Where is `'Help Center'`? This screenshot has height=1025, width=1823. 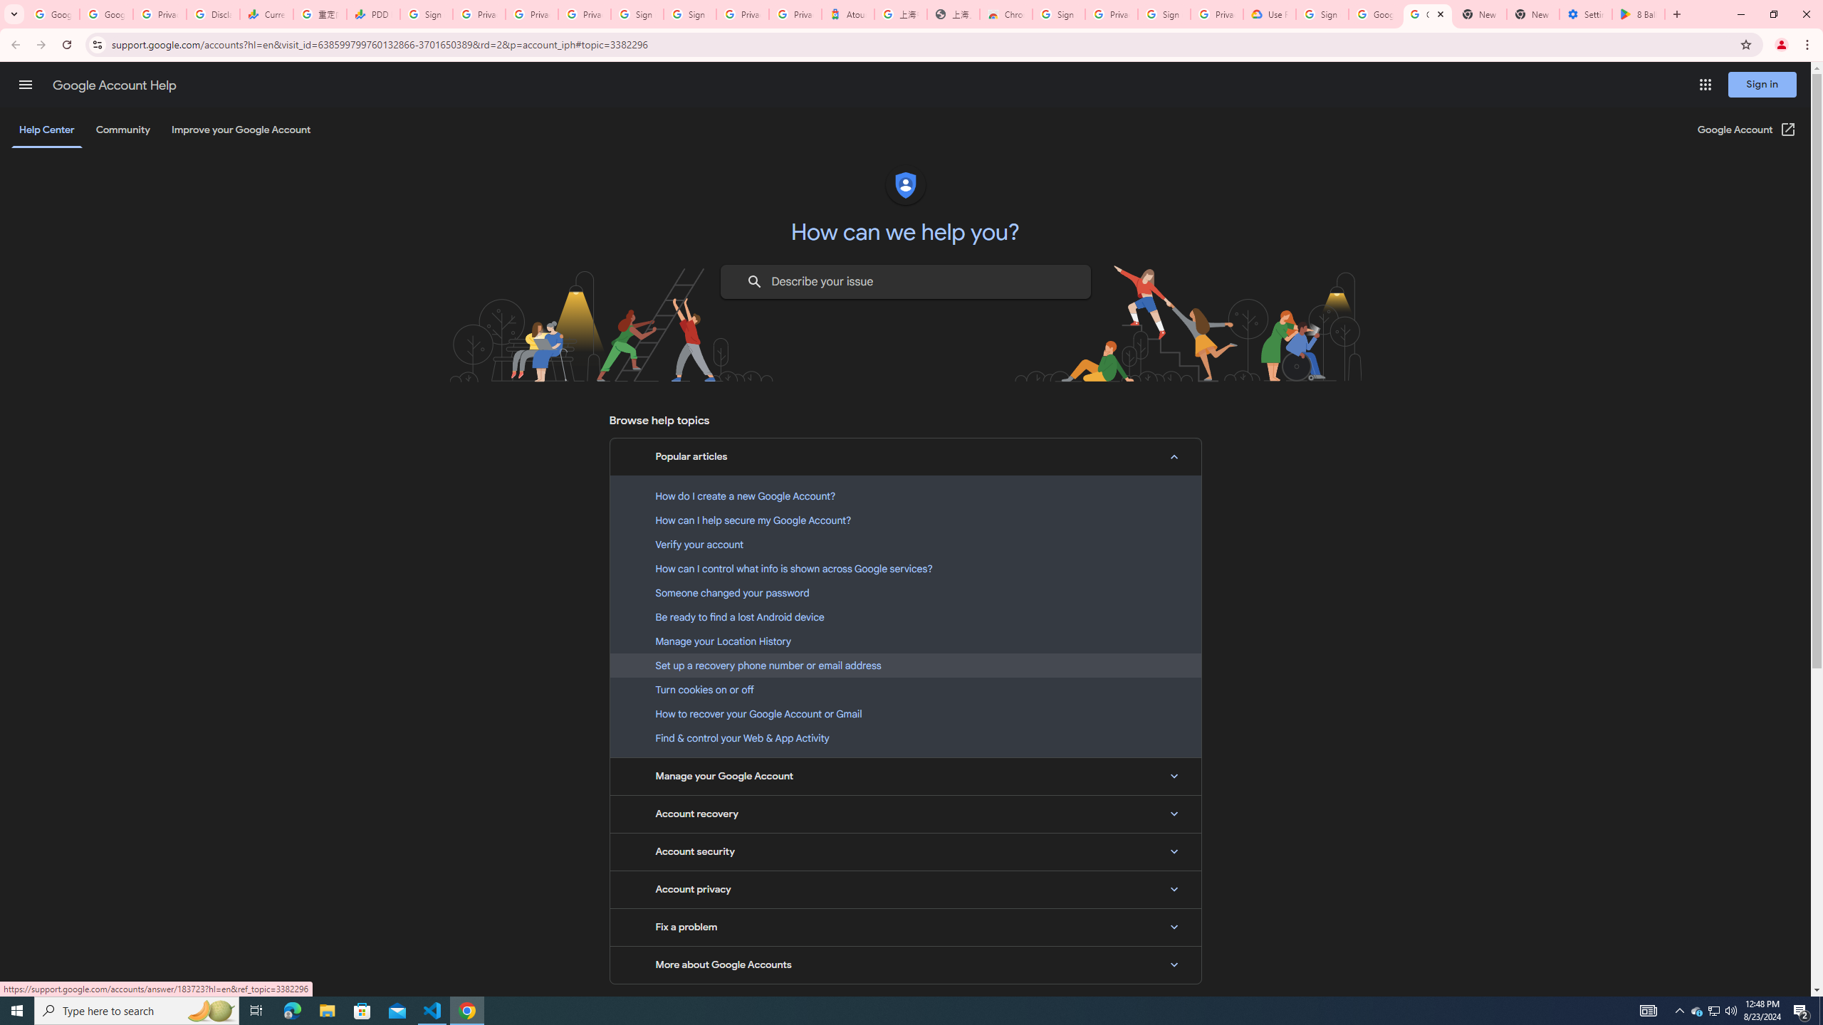 'Help Center' is located at coordinates (46, 129).